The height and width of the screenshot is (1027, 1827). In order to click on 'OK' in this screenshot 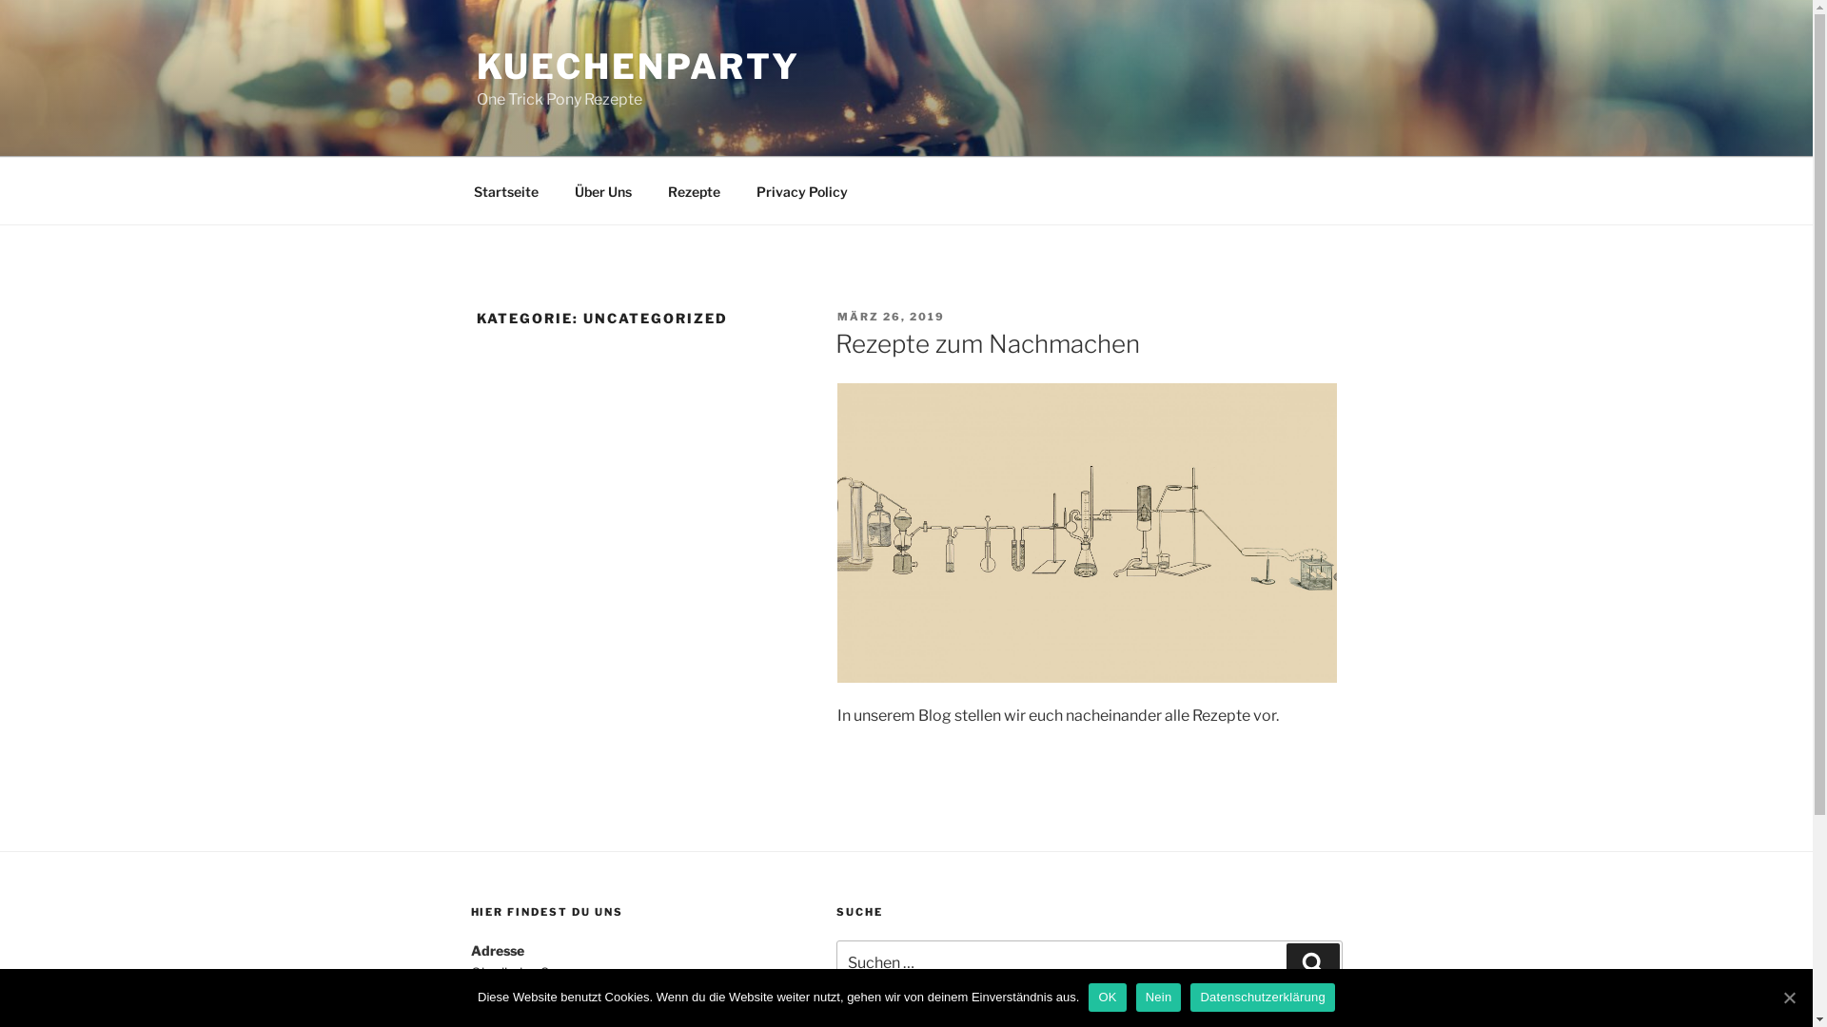, I will do `click(1107, 997)`.